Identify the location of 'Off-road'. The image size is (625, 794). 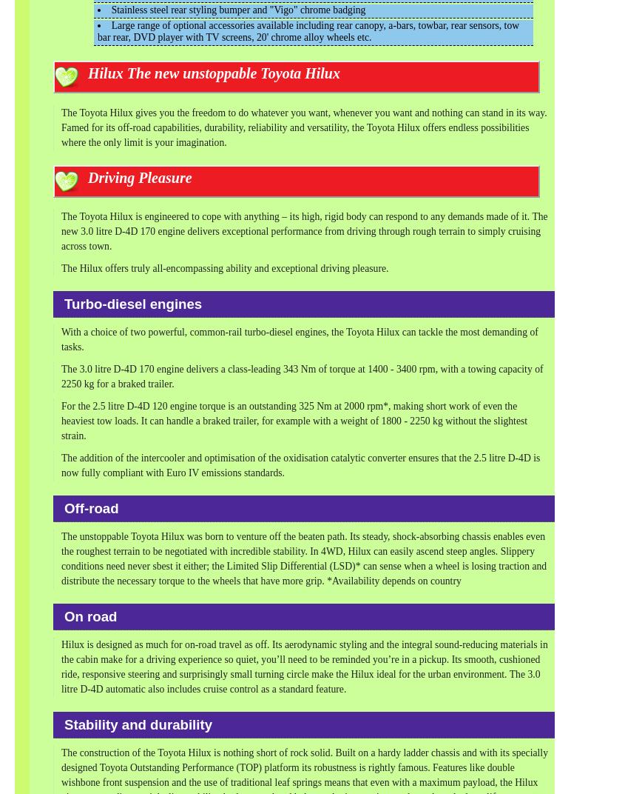
(64, 507).